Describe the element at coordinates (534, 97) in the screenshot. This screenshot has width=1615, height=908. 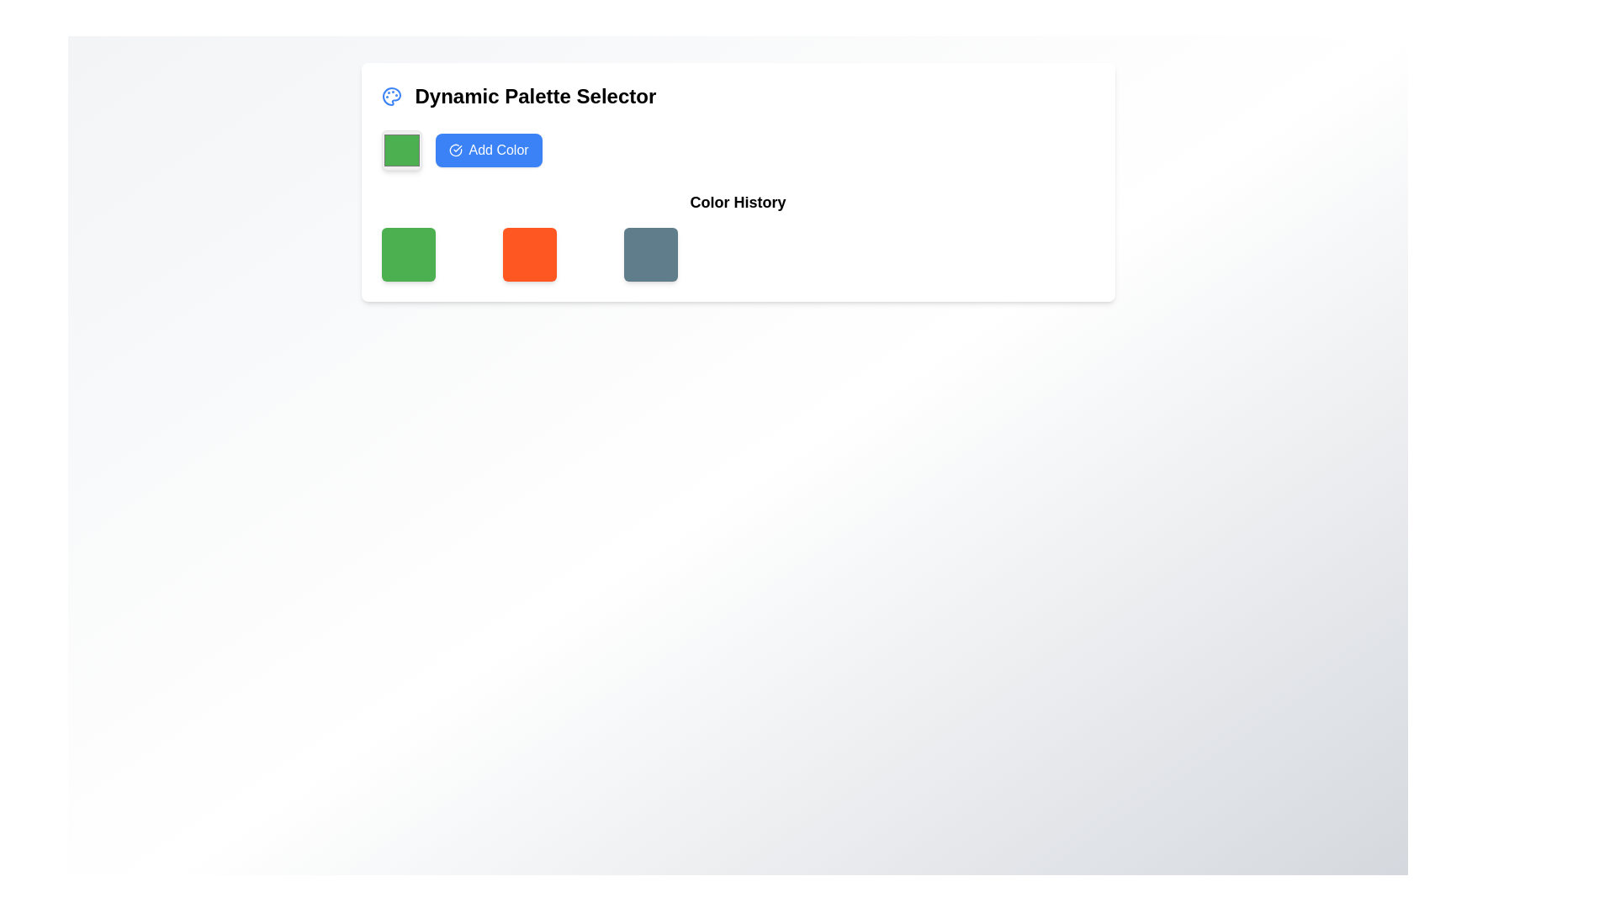
I see `the text label displaying 'Dynamic Palette Selector', which is styled in bold font and positioned at the top of the section` at that location.